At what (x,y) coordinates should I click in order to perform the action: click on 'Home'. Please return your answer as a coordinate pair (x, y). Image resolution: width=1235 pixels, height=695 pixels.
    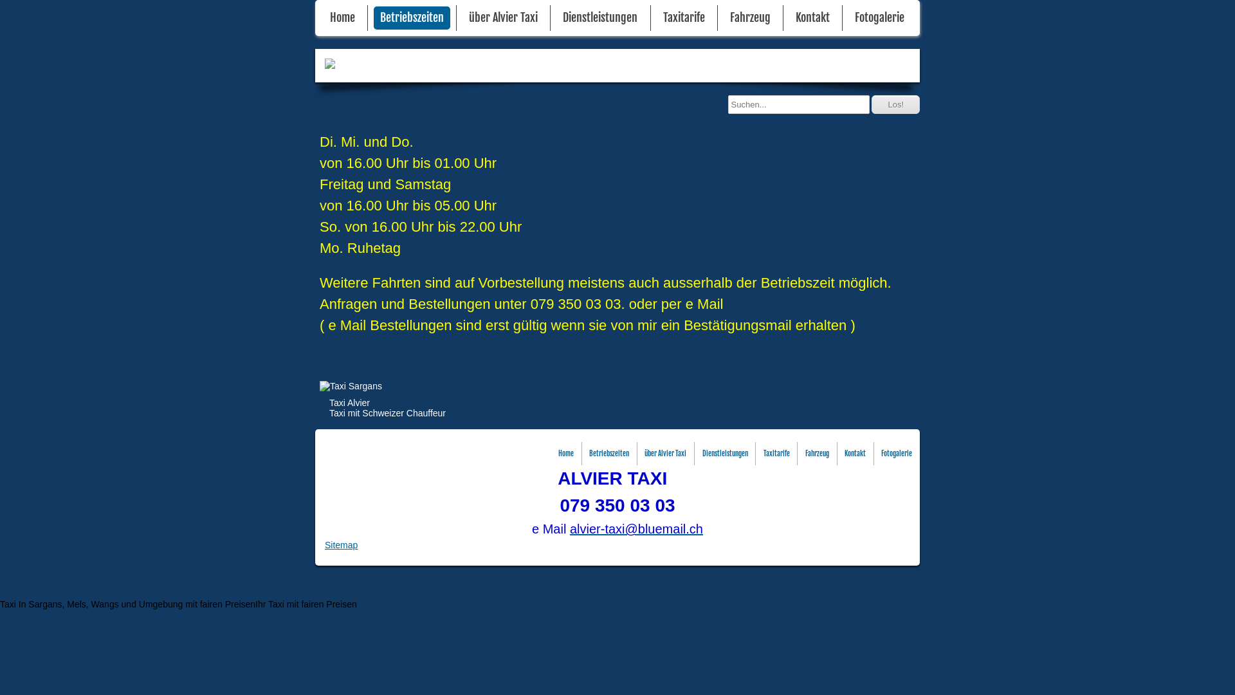
    Looking at the image, I should click on (342, 17).